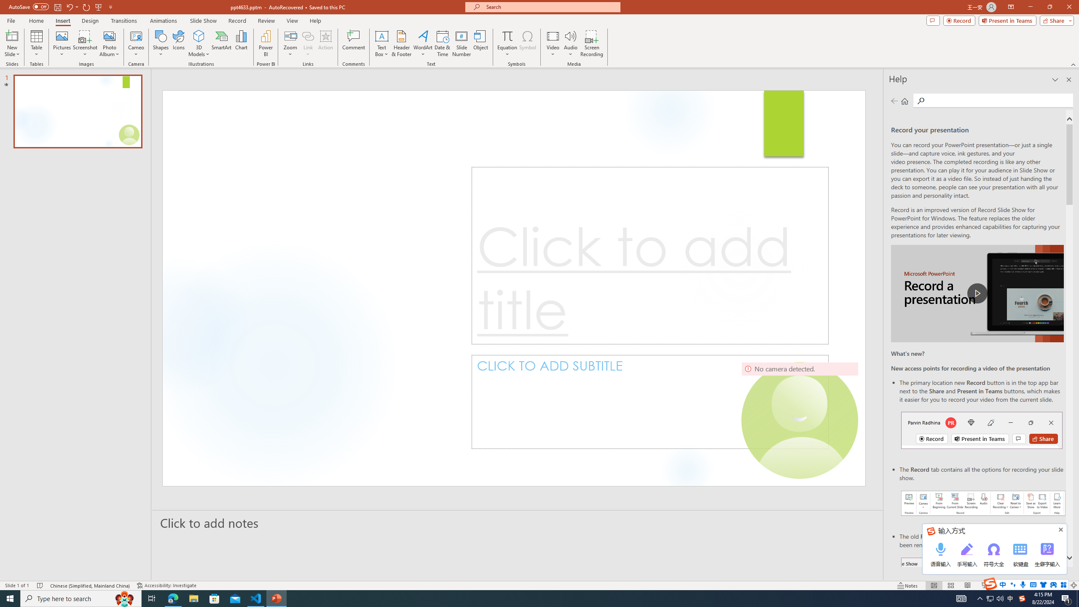 The height and width of the screenshot is (607, 1079). Describe the element at coordinates (894, 100) in the screenshot. I see `'Previous page'` at that location.